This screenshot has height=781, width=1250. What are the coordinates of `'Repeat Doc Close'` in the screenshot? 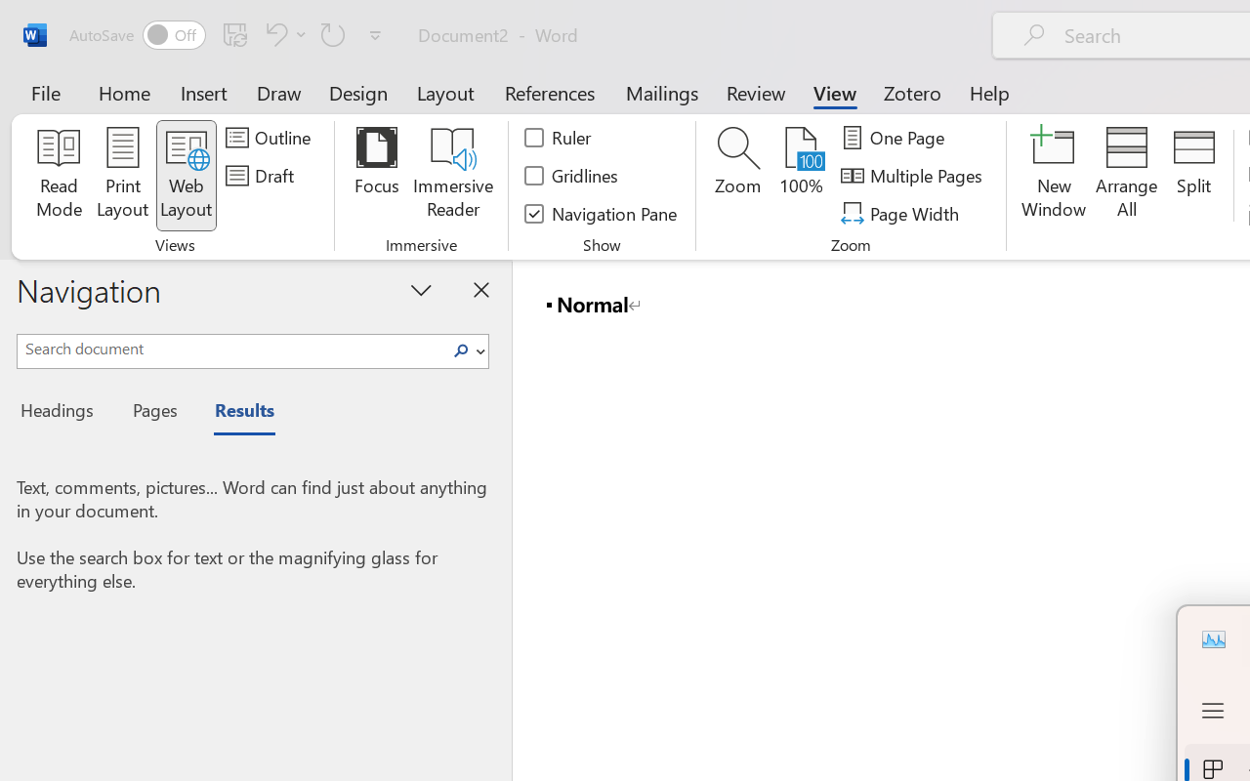 It's located at (333, 33).